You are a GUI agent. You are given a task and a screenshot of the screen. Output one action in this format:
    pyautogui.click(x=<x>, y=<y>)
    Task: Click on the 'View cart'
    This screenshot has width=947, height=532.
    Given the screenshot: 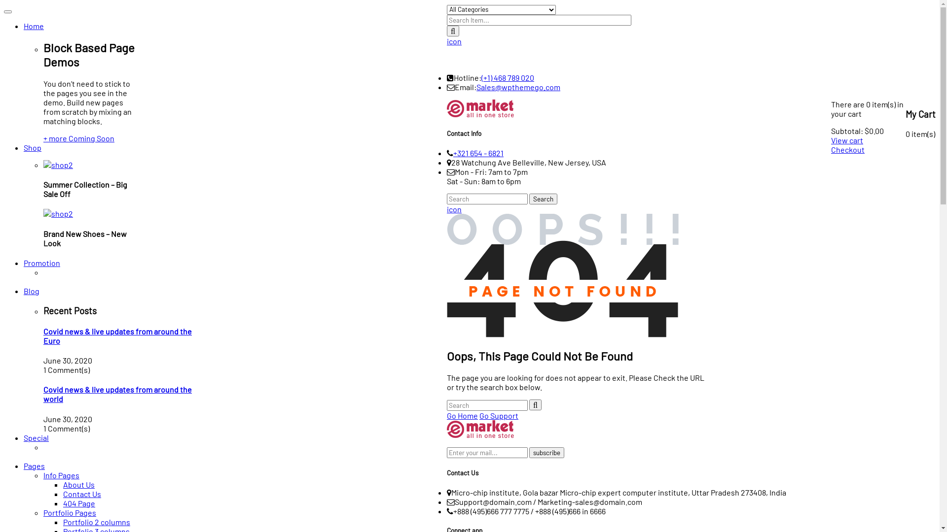 What is the action you would take?
    pyautogui.click(x=846, y=139)
    